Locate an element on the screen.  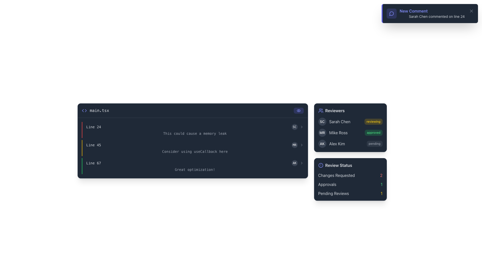
the circular badge with dark gray background and 'MR' initials, located is located at coordinates (322, 132).